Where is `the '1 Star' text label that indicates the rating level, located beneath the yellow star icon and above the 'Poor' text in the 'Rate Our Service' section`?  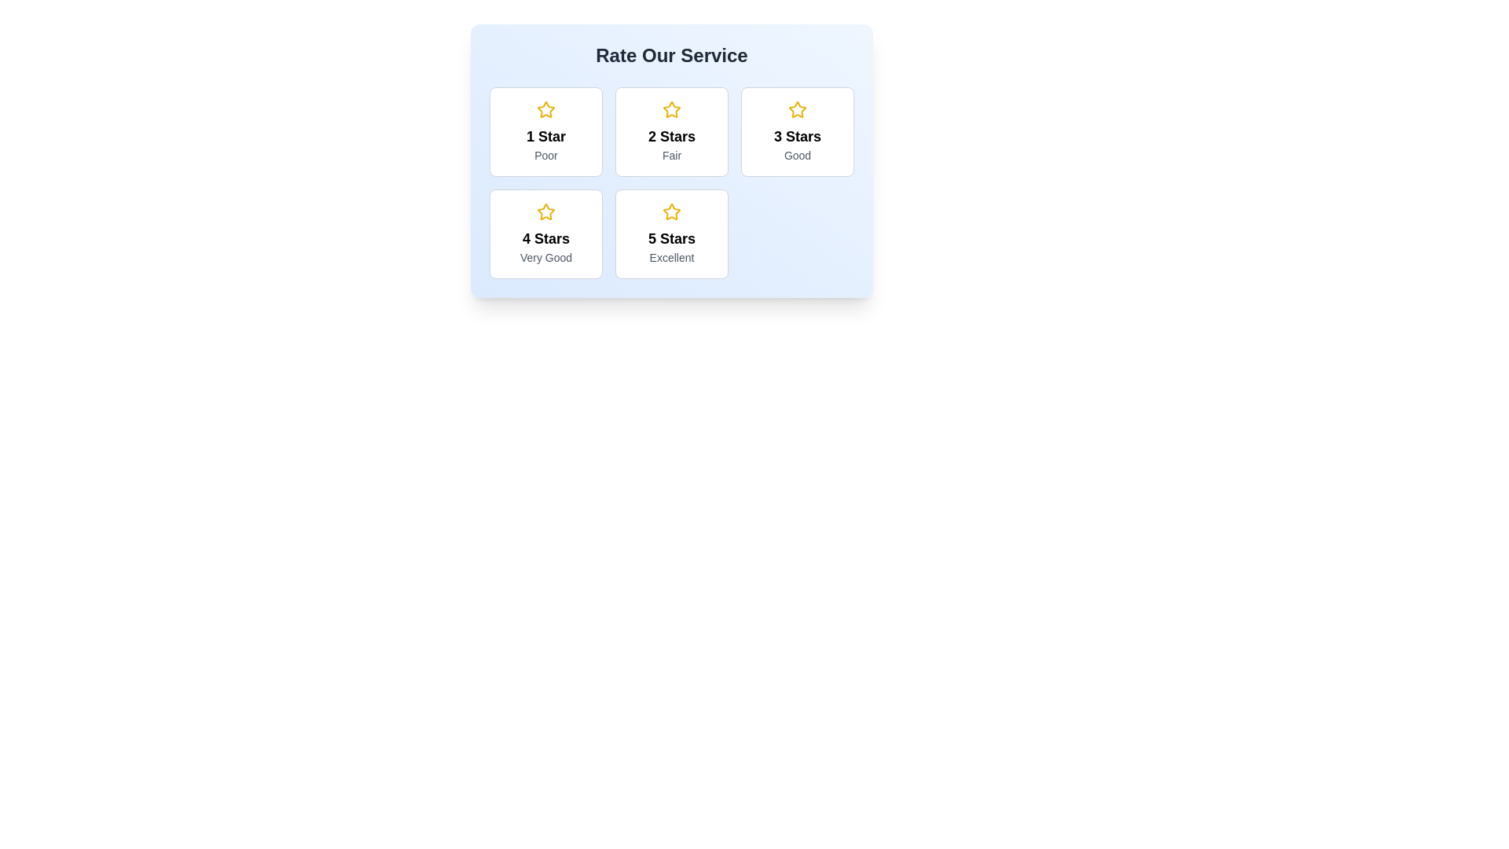 the '1 Star' text label that indicates the rating level, located beneath the yellow star icon and above the 'Poor' text in the 'Rate Our Service' section is located at coordinates (546, 135).